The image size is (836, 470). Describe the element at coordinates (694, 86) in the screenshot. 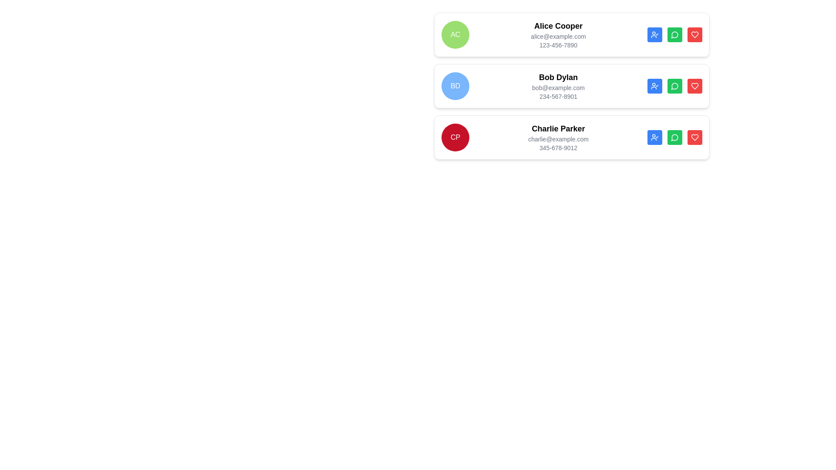

I see `the red rounded button with a heart icon, which is the fourth button in the group aligned horizontally at the far right of Bob Dylan's entry` at that location.